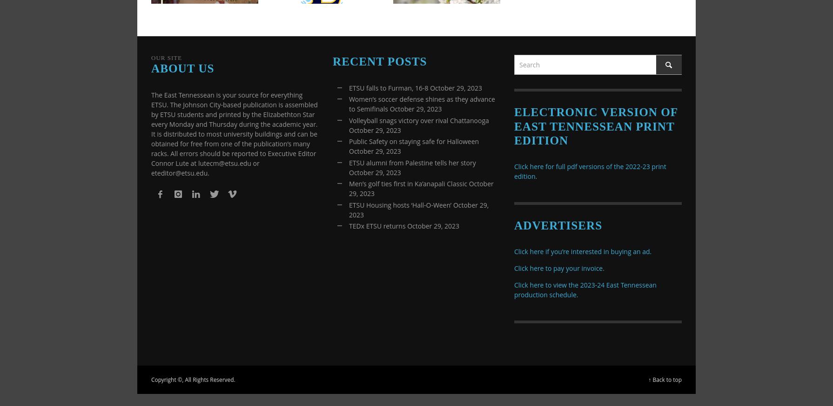 Image resolution: width=833 pixels, height=406 pixels. I want to click on 'Copyright ©, All Rights Reserved.', so click(193, 380).